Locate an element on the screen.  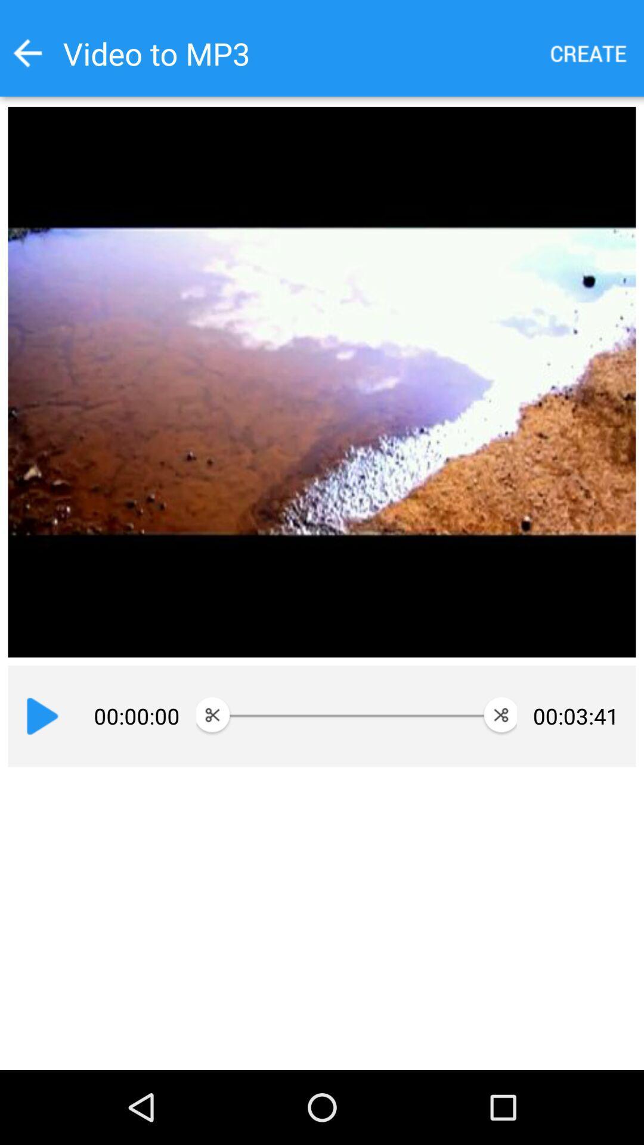
the button at the top right corner is located at coordinates (589, 52).